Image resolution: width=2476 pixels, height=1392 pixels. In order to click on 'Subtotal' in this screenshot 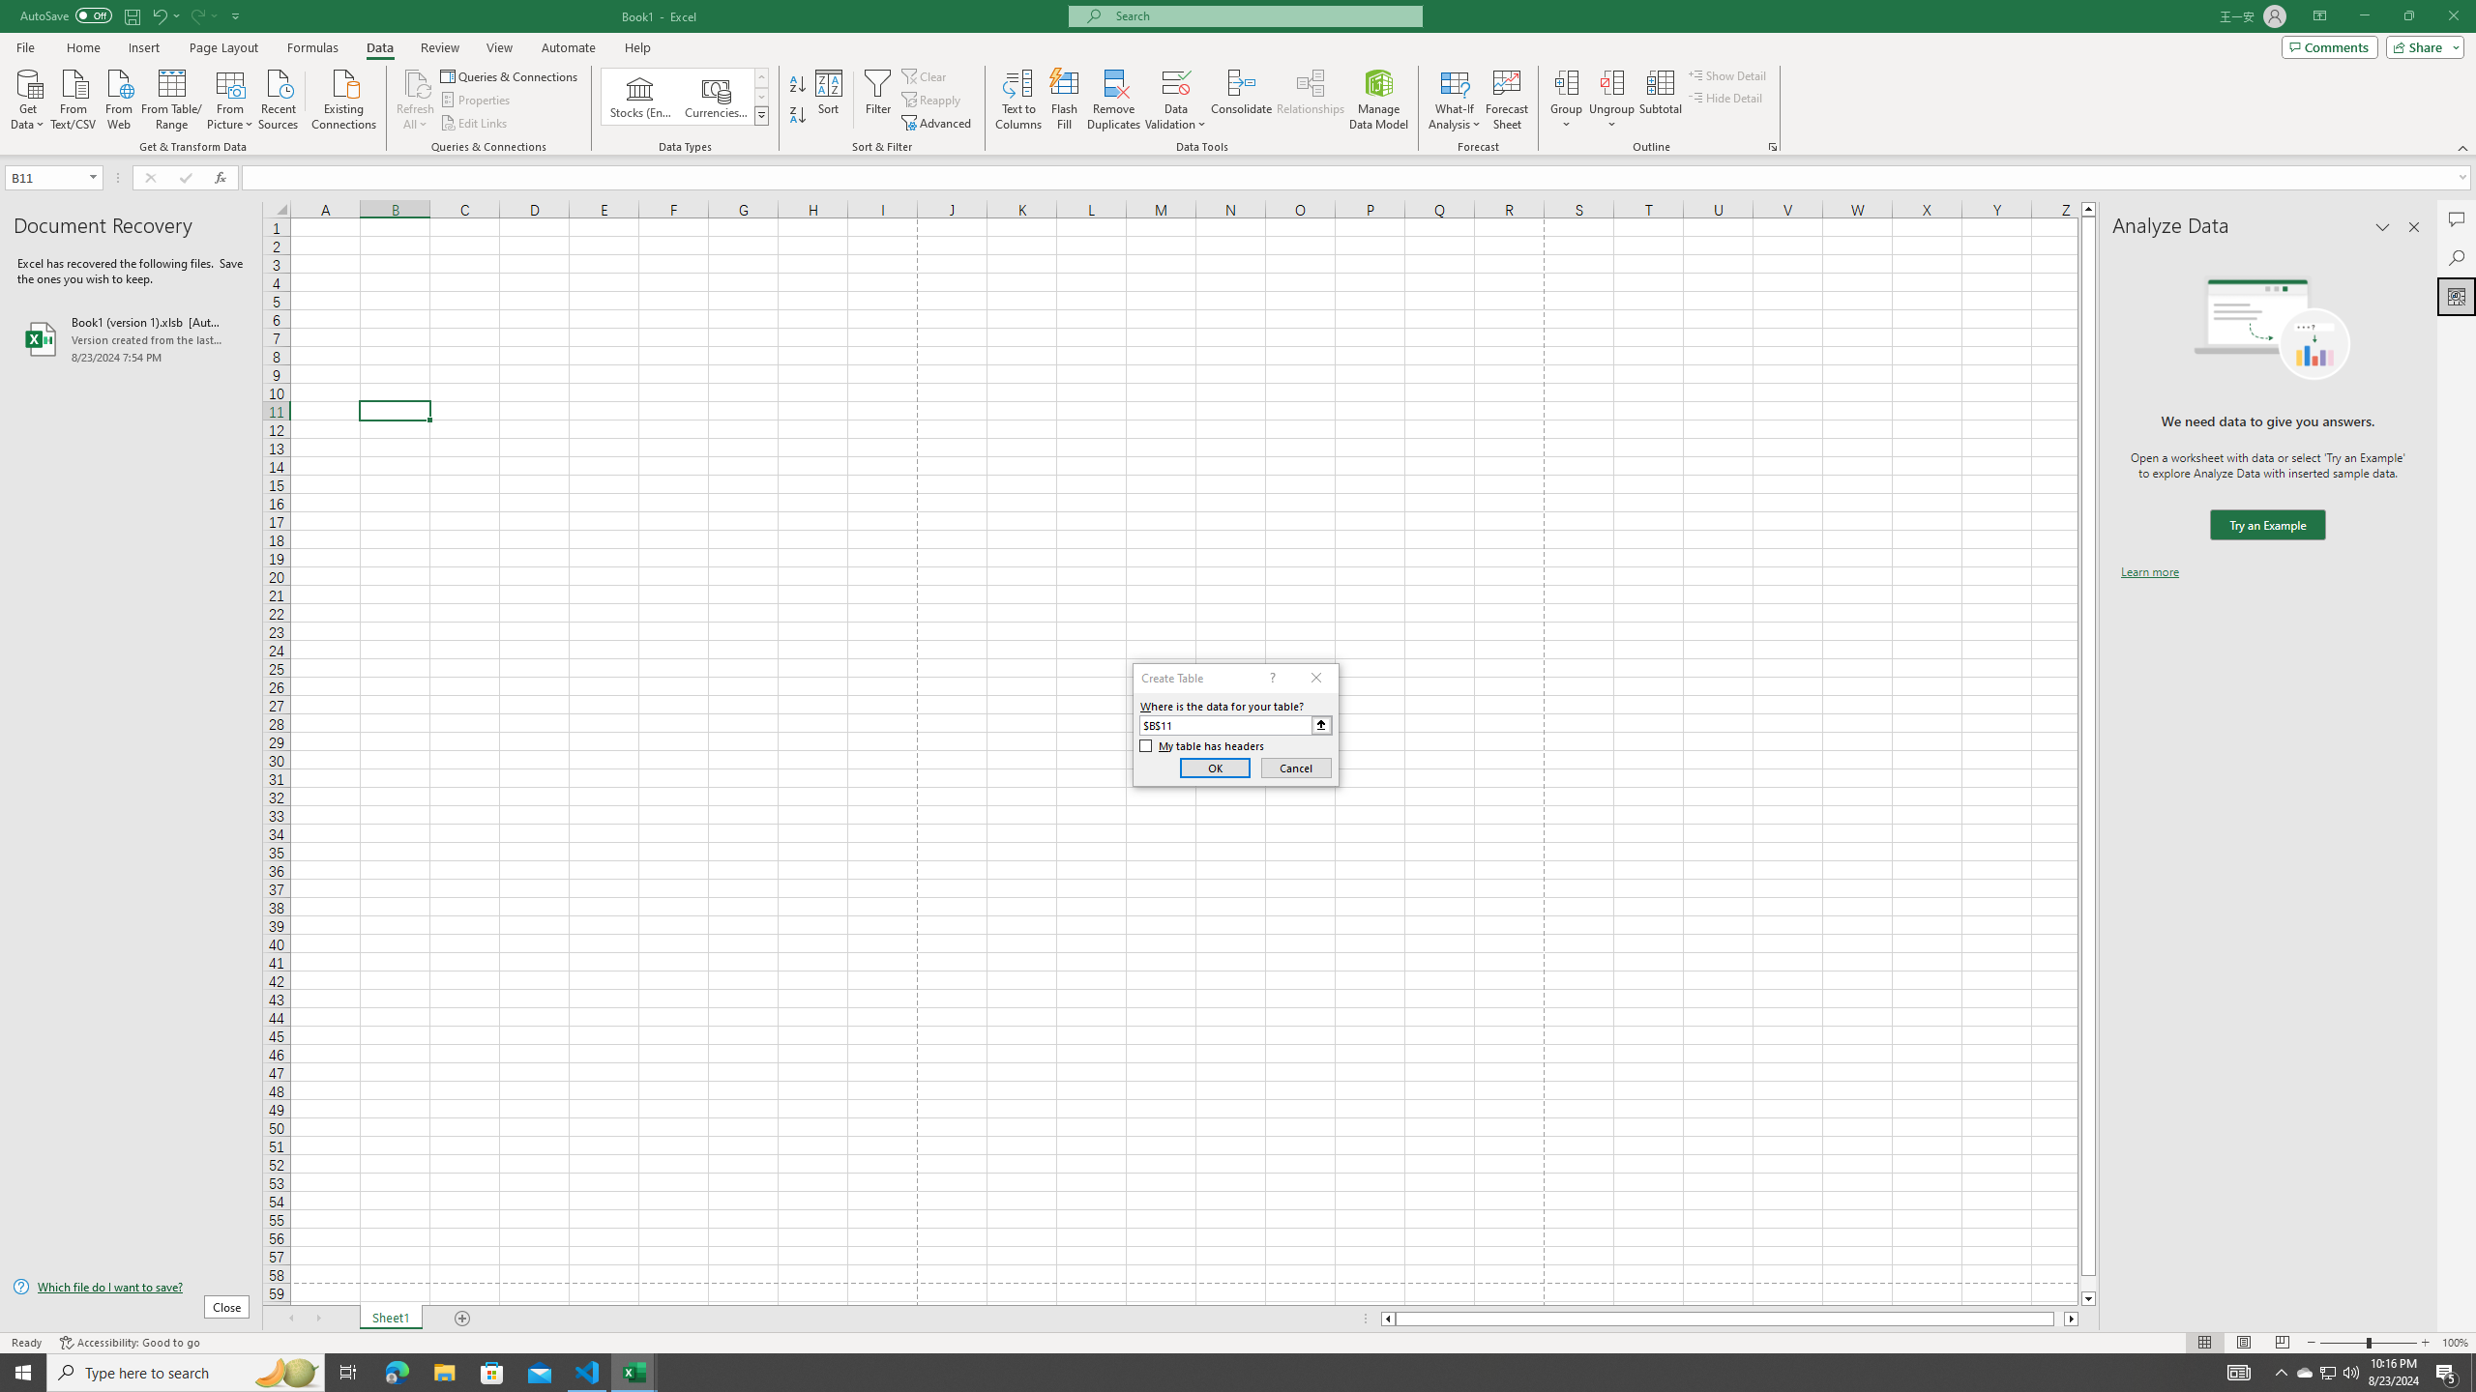, I will do `click(1660, 100)`.